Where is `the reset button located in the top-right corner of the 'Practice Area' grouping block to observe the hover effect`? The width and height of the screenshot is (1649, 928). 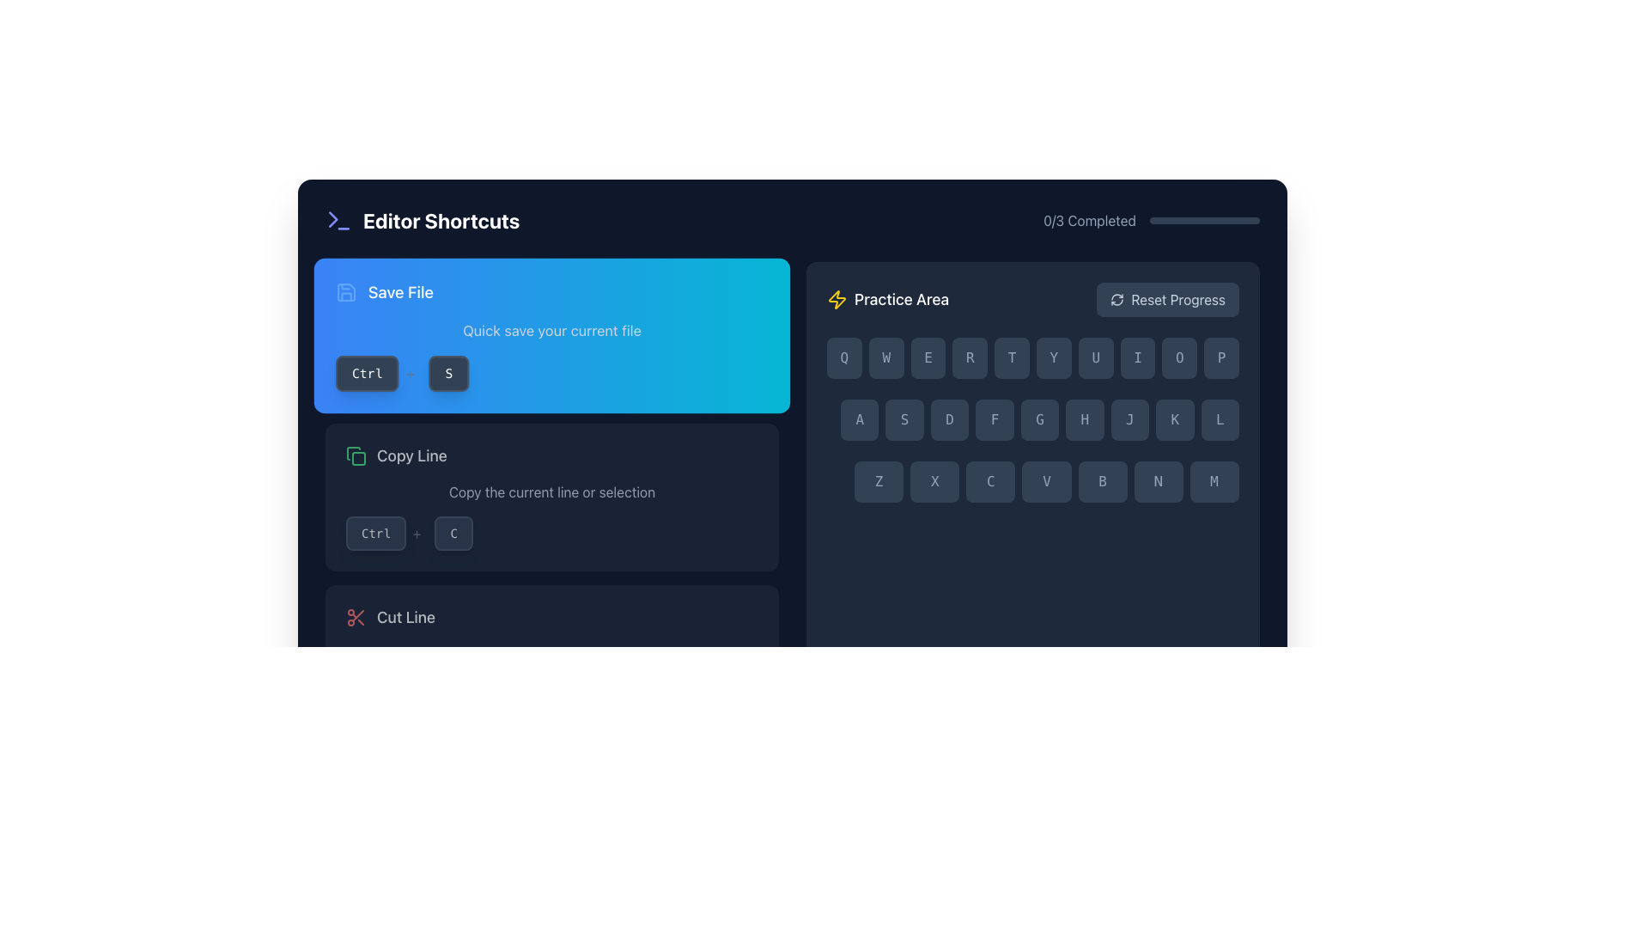 the reset button located in the top-right corner of the 'Practice Area' grouping block to observe the hover effect is located at coordinates (1168, 298).